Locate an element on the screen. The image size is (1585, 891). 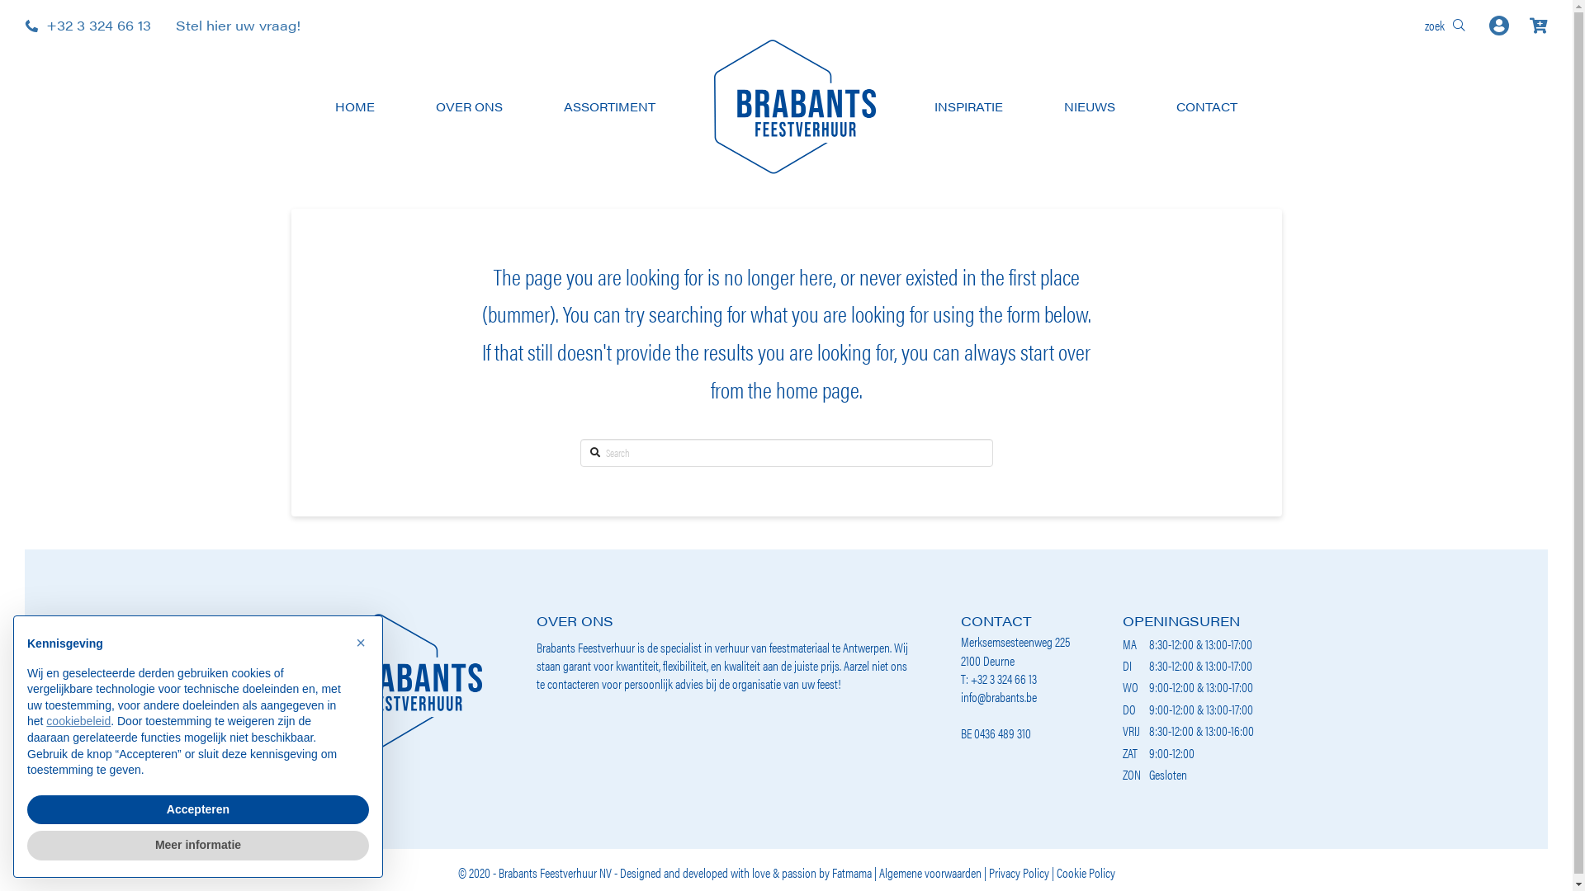
'Stel hier uw vraag!' is located at coordinates (233, 25).